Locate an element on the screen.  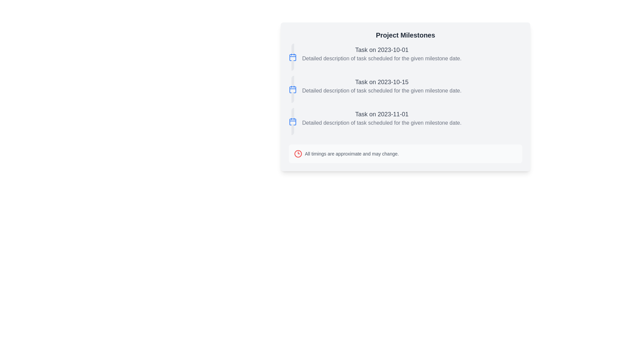
the text label element stating 'Task on 2023-11-01', which is styled in a large, bold font and positioned prominently in the milestone list is located at coordinates (382, 114).